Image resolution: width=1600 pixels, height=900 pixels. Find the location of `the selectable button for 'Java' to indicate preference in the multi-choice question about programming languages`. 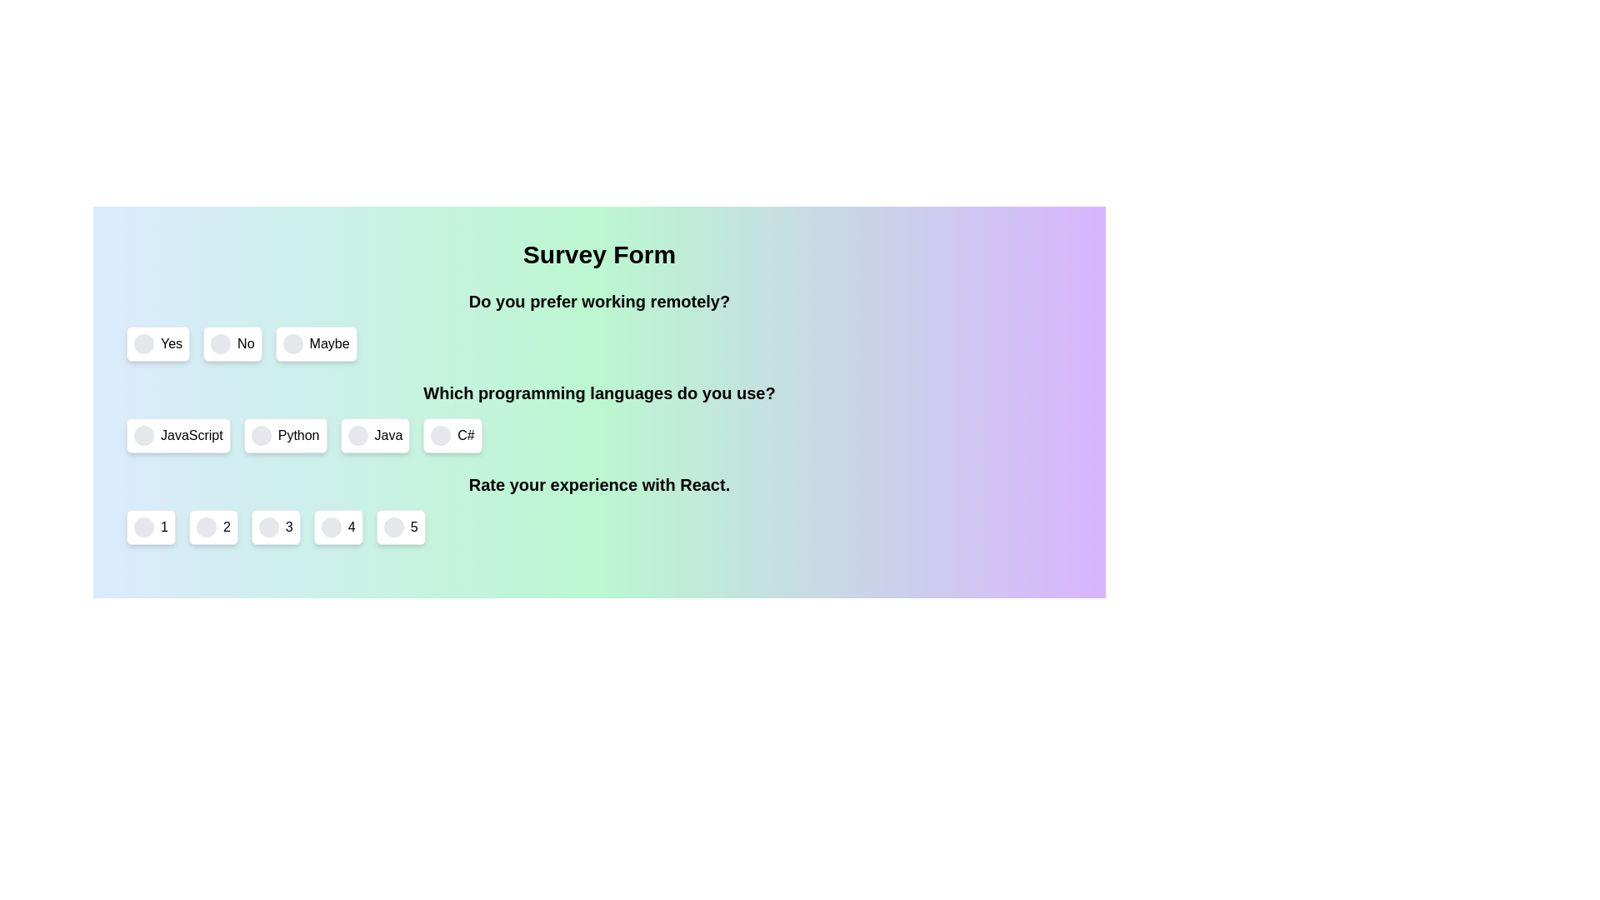

the selectable button for 'Java' to indicate preference in the multi-choice question about programming languages is located at coordinates (374, 435).